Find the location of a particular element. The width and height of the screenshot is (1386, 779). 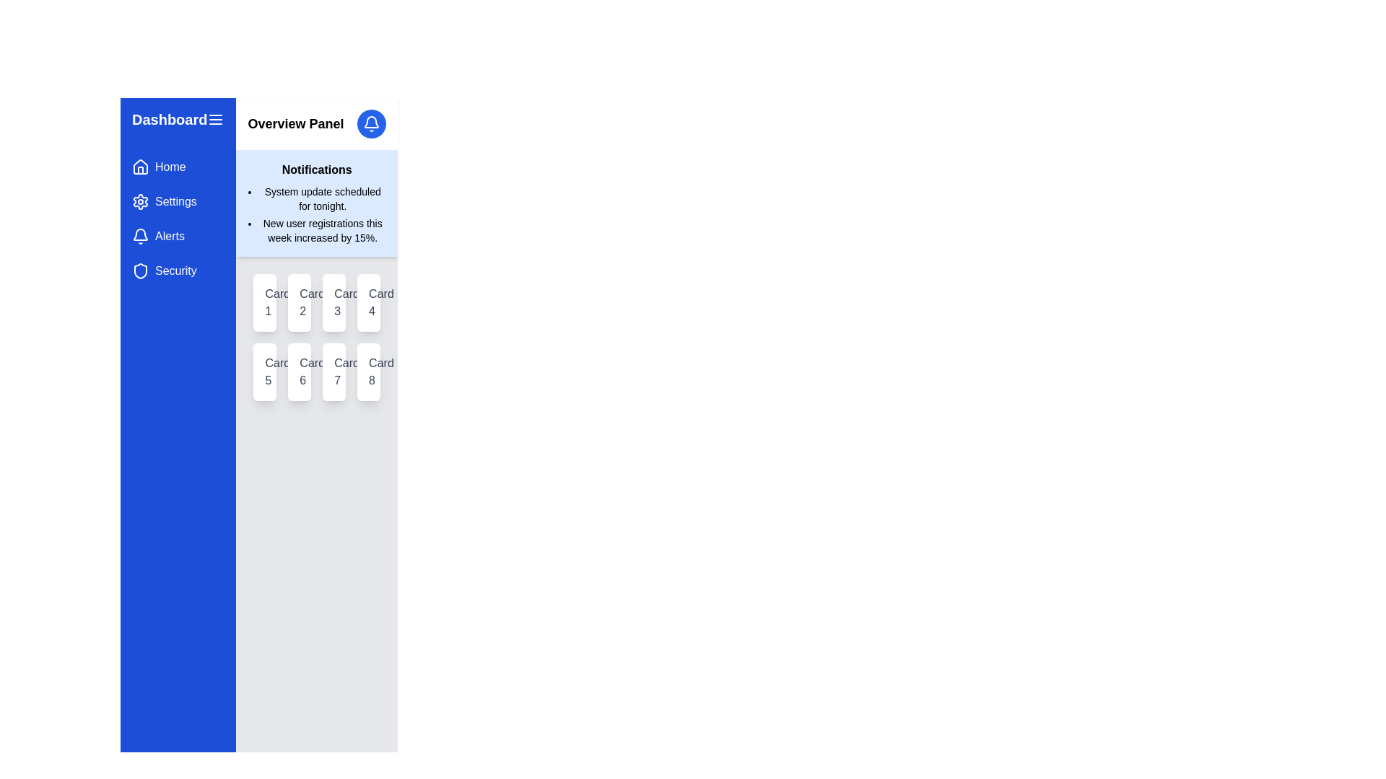

the card with a white background, rounded corners, and shadow effect that contains the text 'Card 5', located in the second row of a 2x4 grid layout is located at coordinates (265, 371).